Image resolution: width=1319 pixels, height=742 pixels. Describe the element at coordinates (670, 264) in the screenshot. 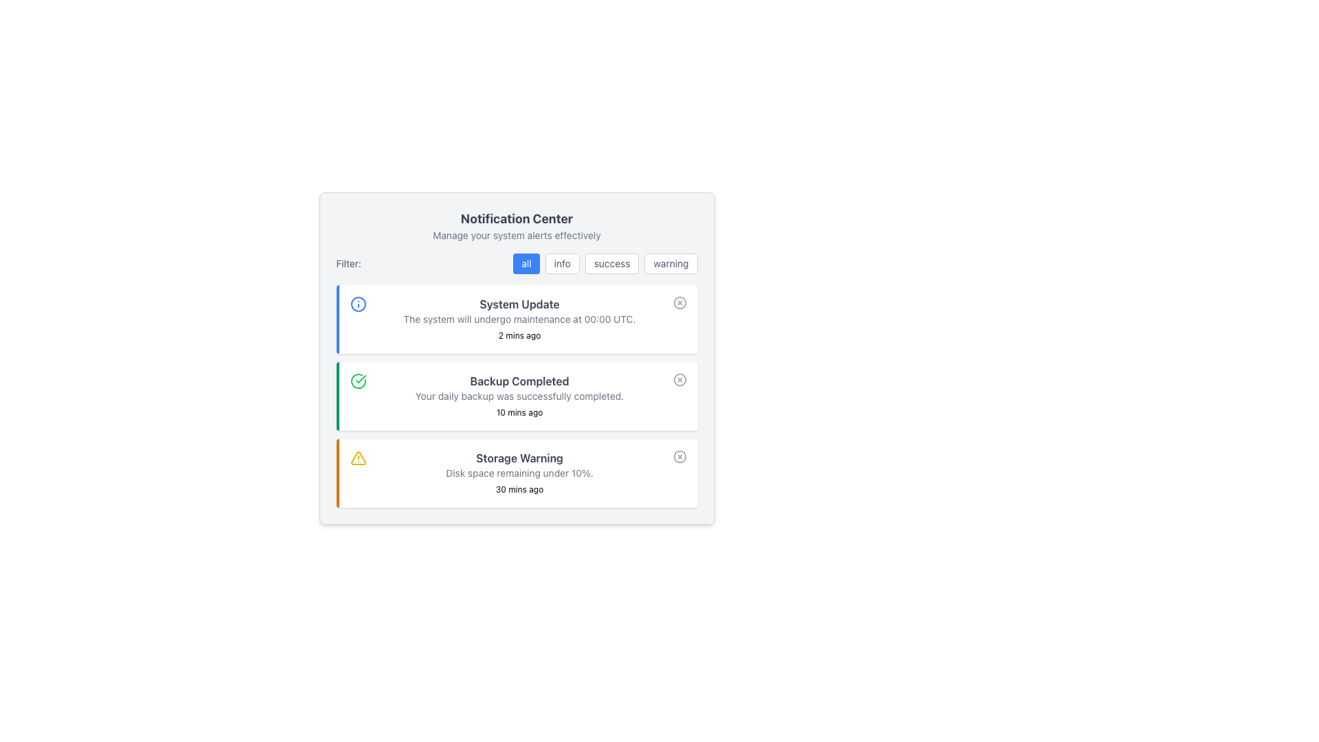

I see `the button that filters or categorizes items to show warnings` at that location.